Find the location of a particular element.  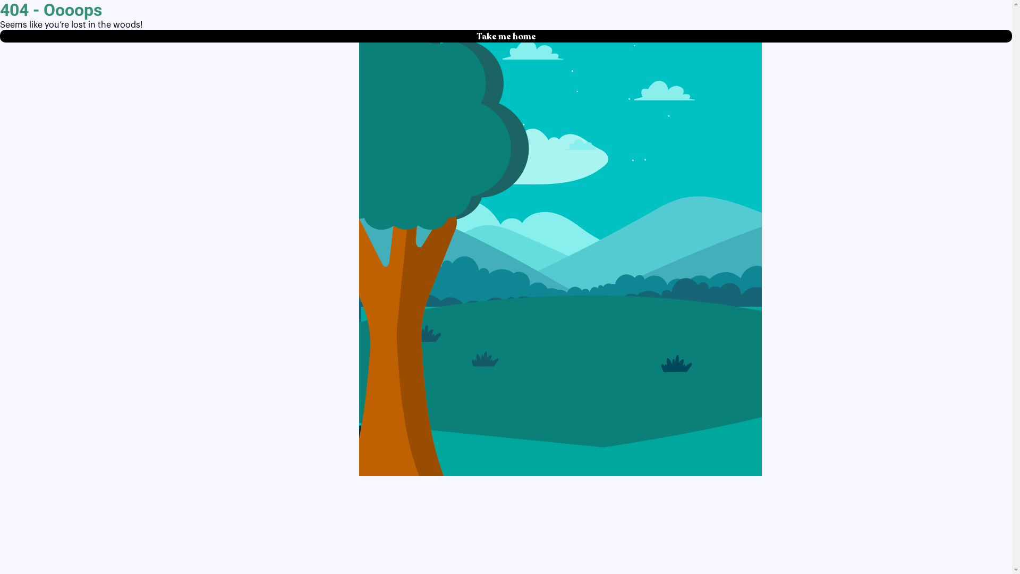

'Take me home' is located at coordinates (505, 36).